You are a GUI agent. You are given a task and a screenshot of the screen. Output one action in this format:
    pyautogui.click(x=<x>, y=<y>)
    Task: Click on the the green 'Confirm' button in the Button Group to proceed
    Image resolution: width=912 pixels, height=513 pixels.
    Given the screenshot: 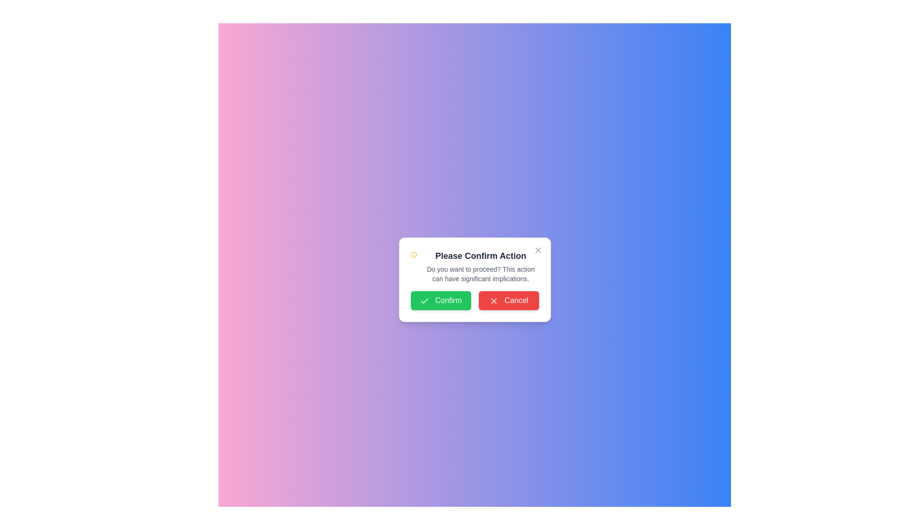 What is the action you would take?
    pyautogui.click(x=475, y=300)
    